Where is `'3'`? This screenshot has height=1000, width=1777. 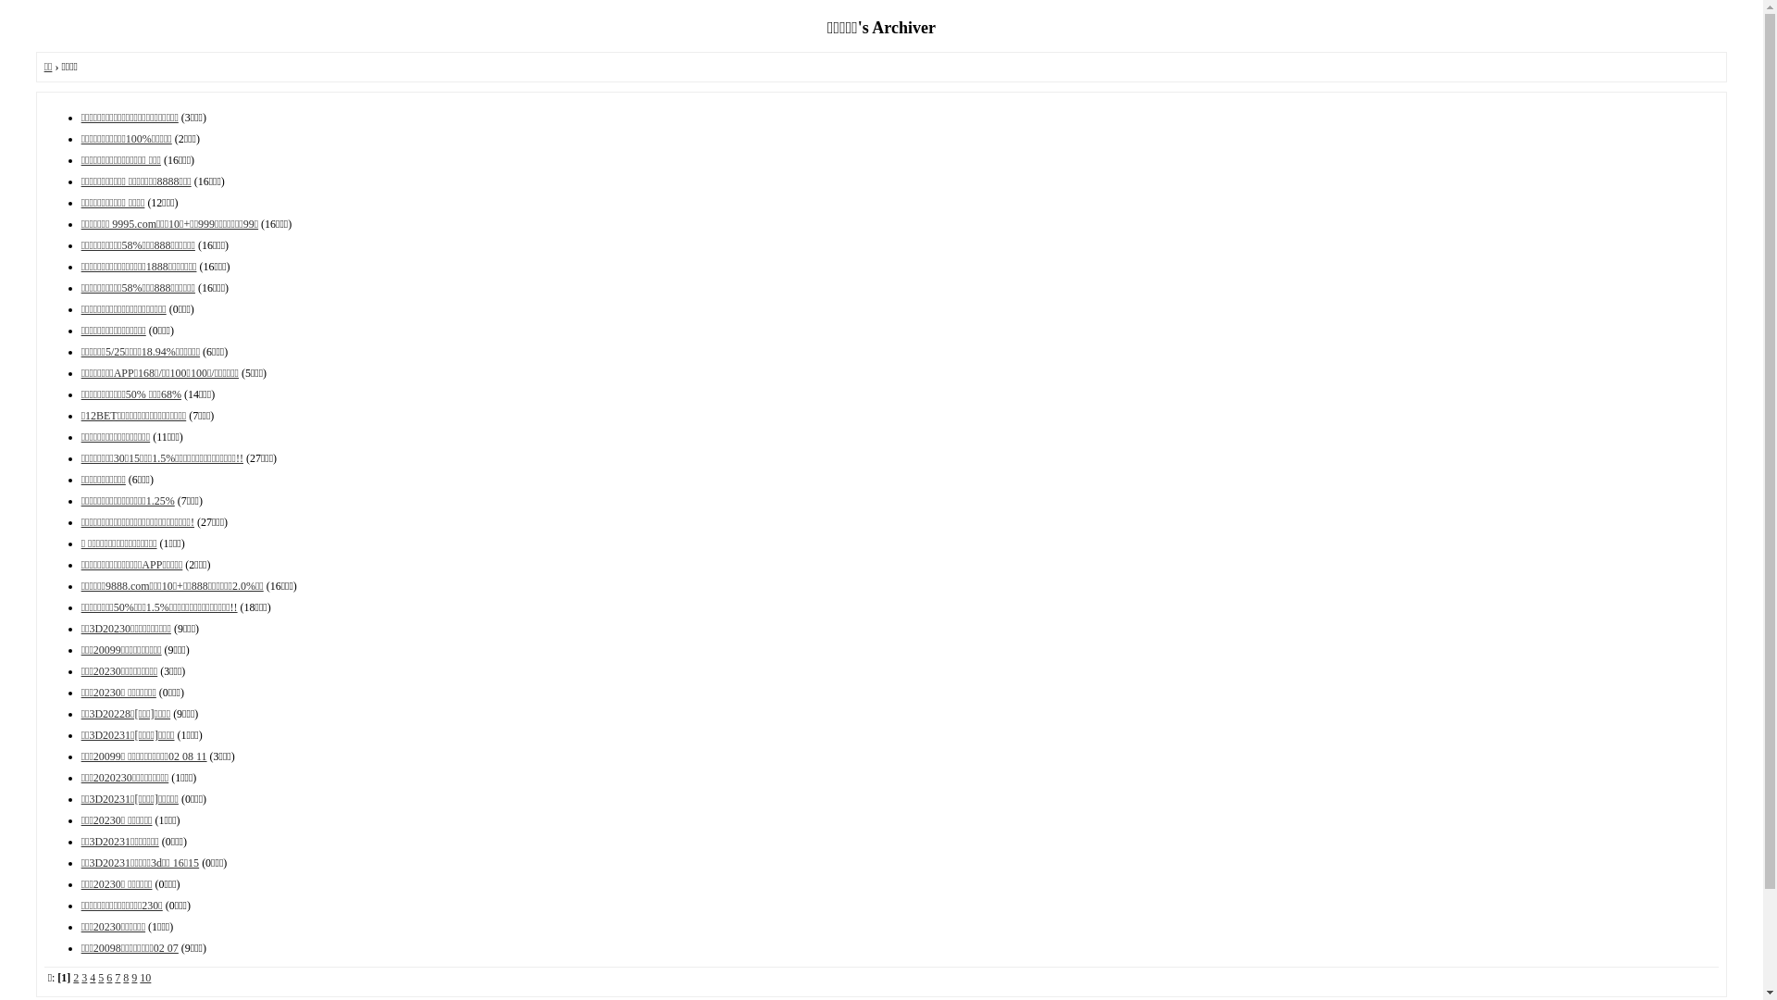
'3' is located at coordinates (83, 977).